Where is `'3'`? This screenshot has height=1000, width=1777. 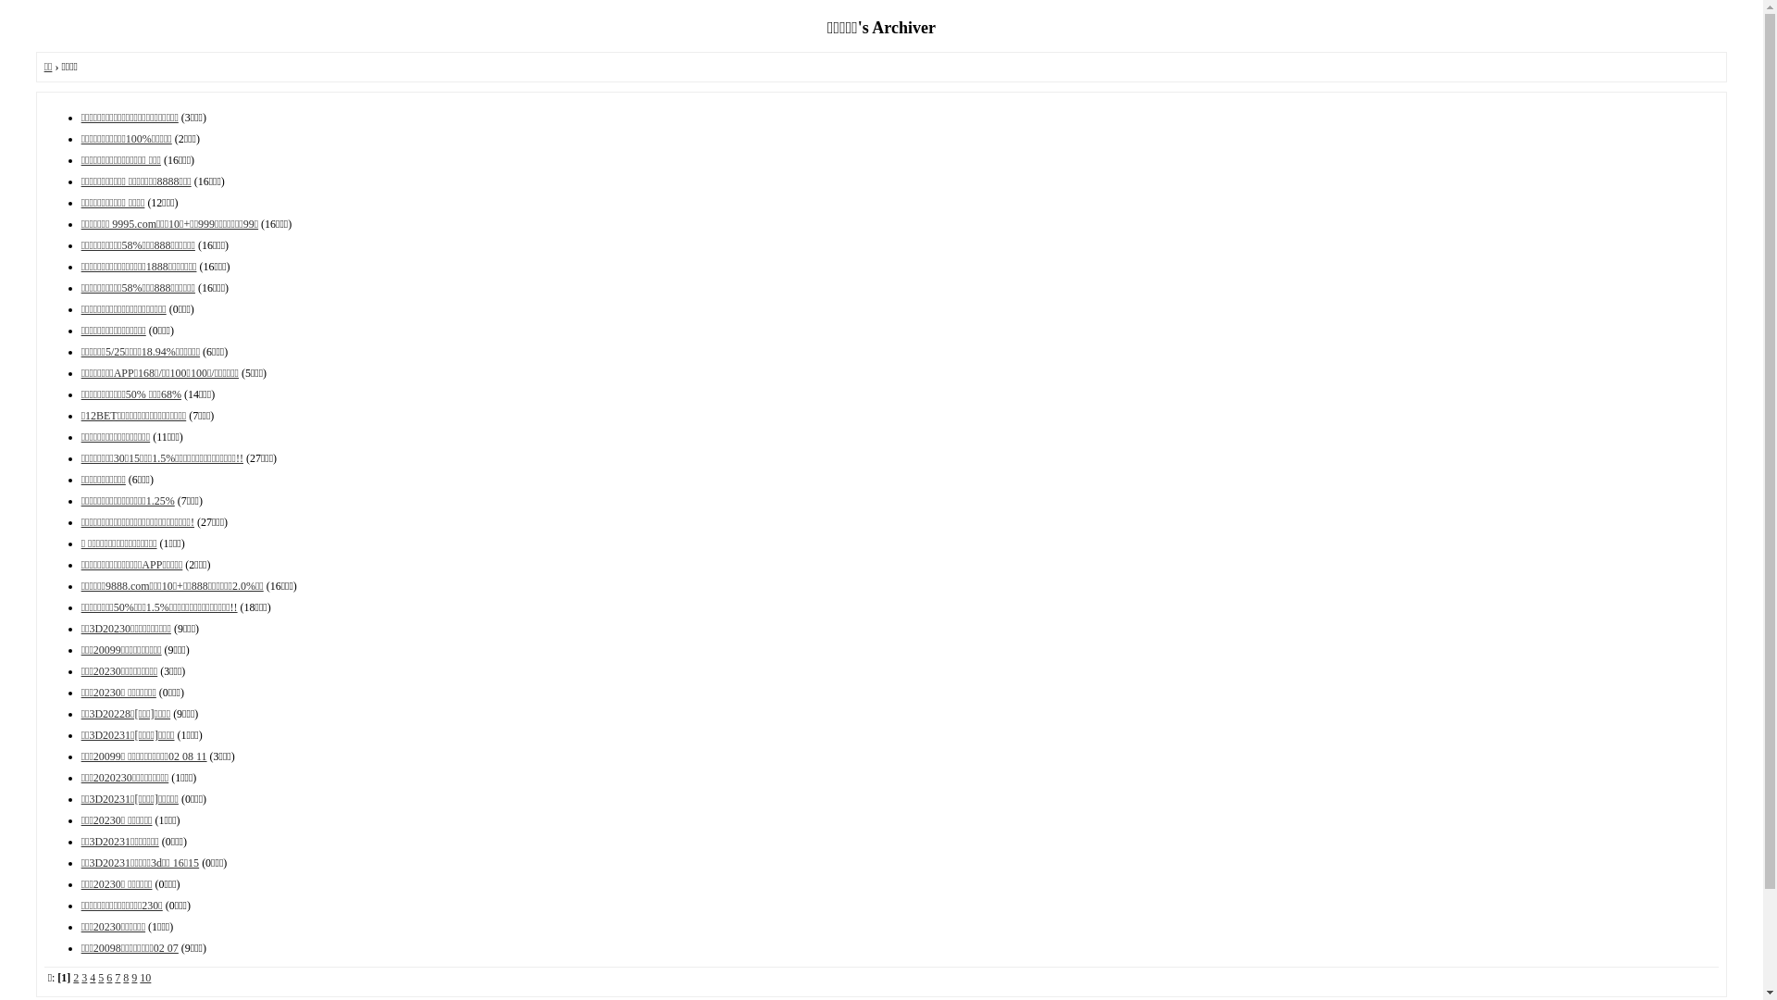
'3' is located at coordinates (83, 977).